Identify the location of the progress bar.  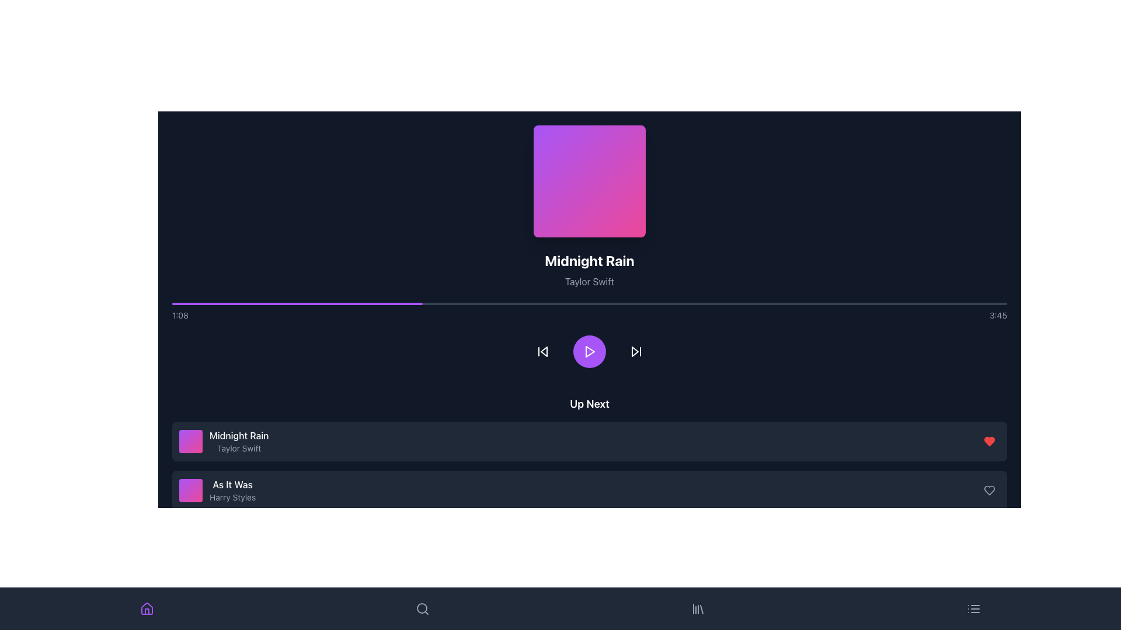
(207, 303).